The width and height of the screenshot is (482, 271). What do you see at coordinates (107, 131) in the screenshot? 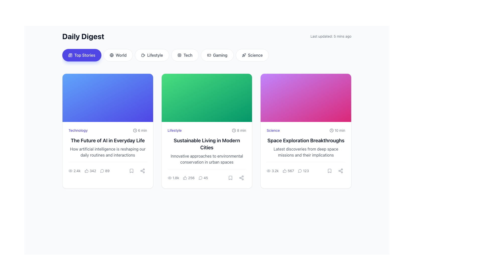
I see `the card titled 'The Future of AI in Everyday Life'` at bounding box center [107, 131].